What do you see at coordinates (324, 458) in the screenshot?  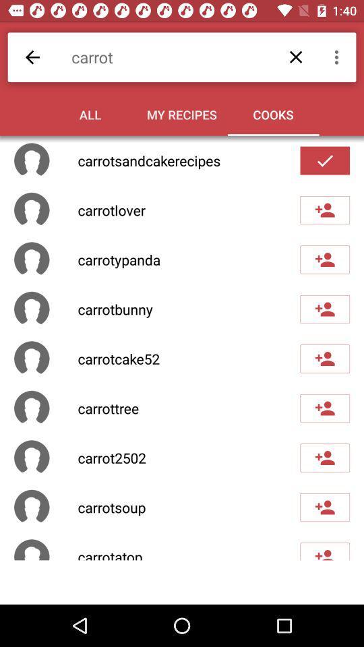 I see `user carrot2502 to cooks` at bounding box center [324, 458].